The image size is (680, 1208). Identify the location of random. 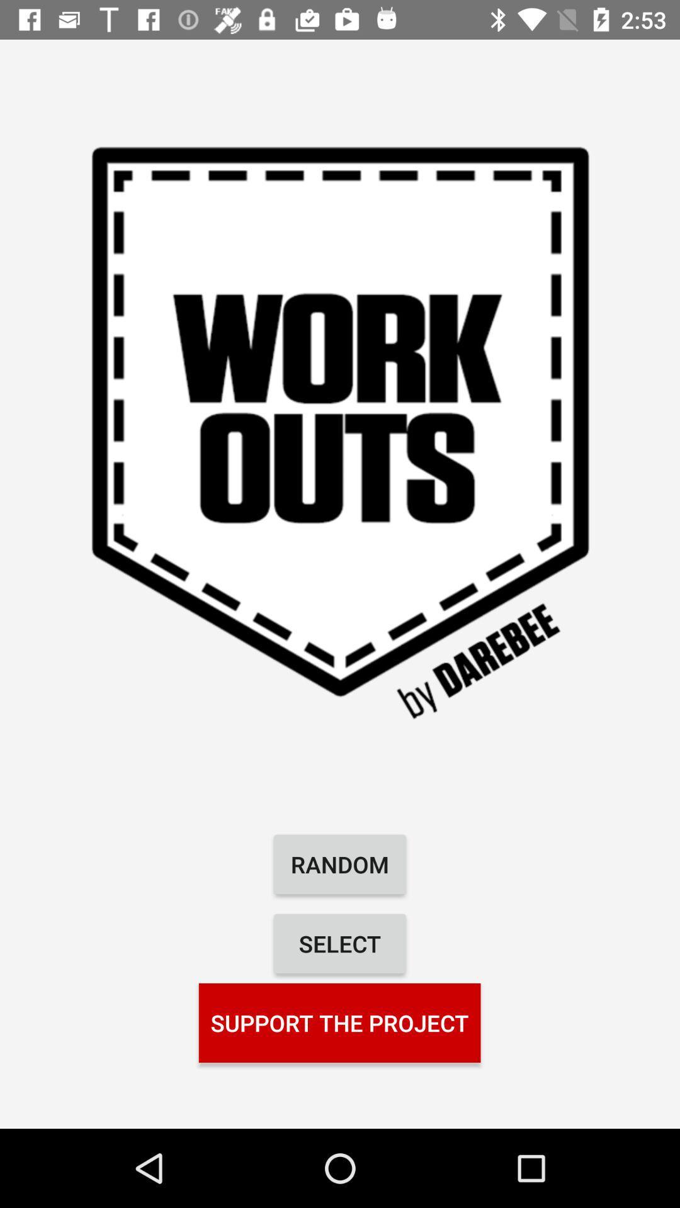
(340, 863).